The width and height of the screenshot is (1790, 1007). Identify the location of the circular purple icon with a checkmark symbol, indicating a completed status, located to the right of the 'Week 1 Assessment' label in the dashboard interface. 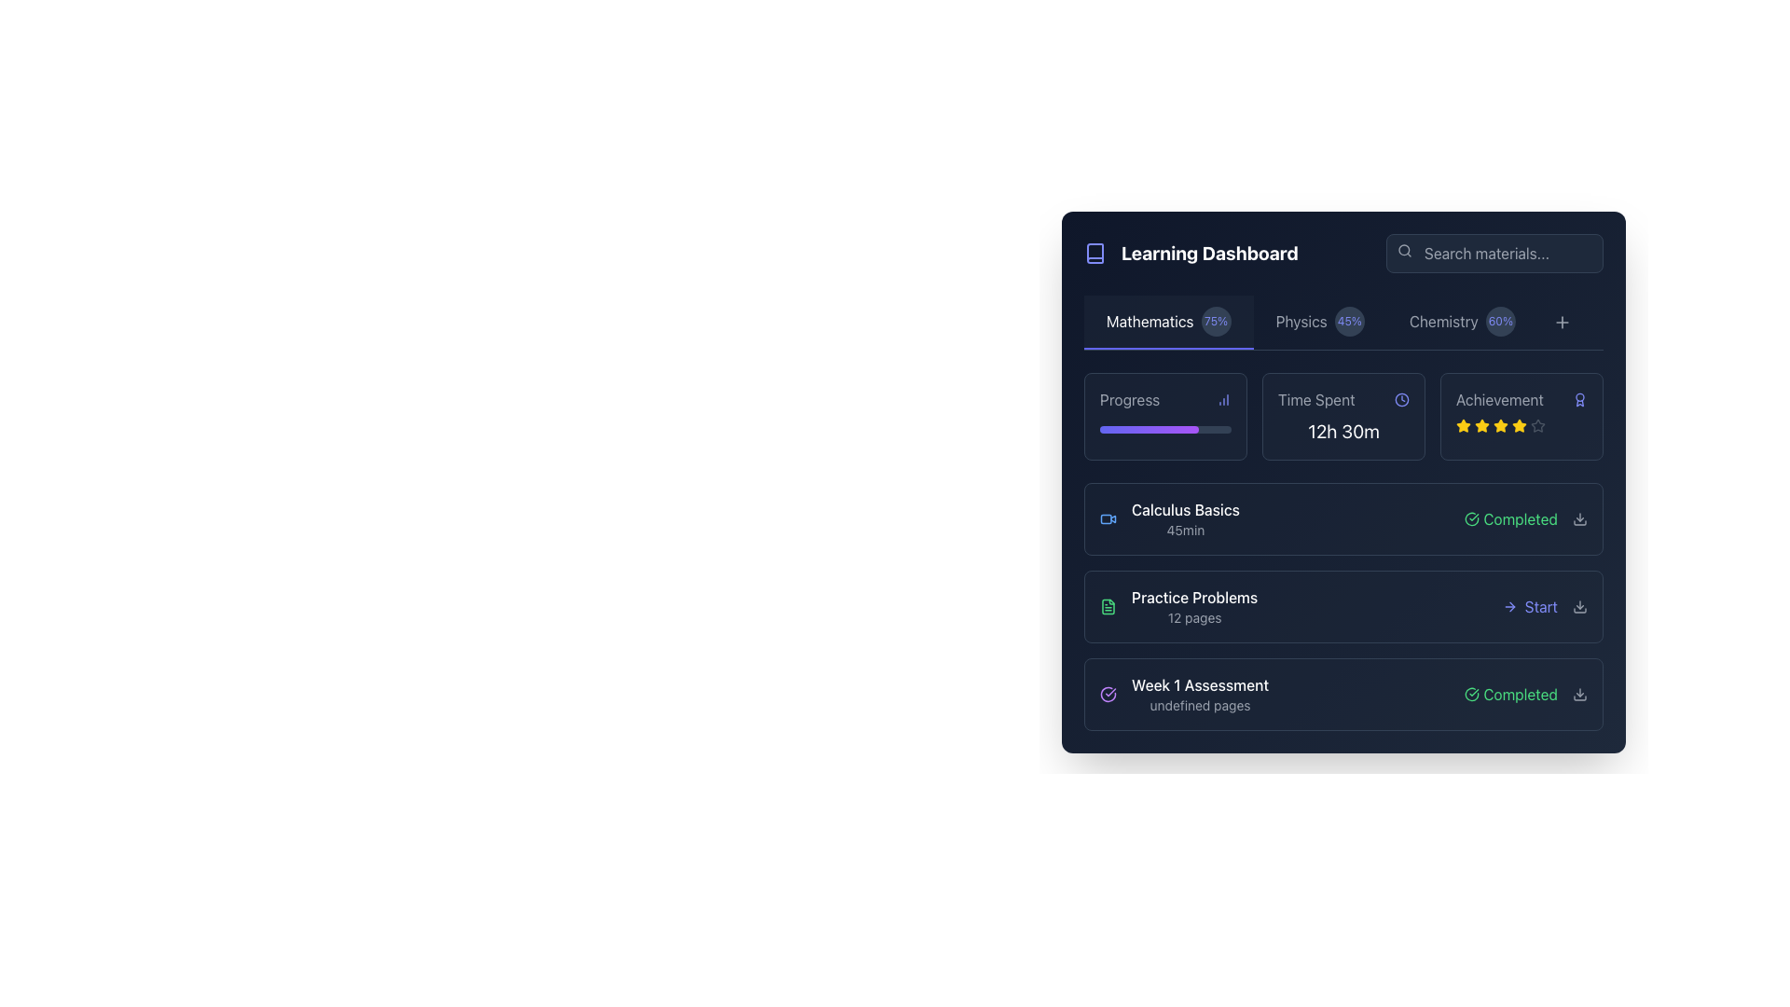
(1108, 694).